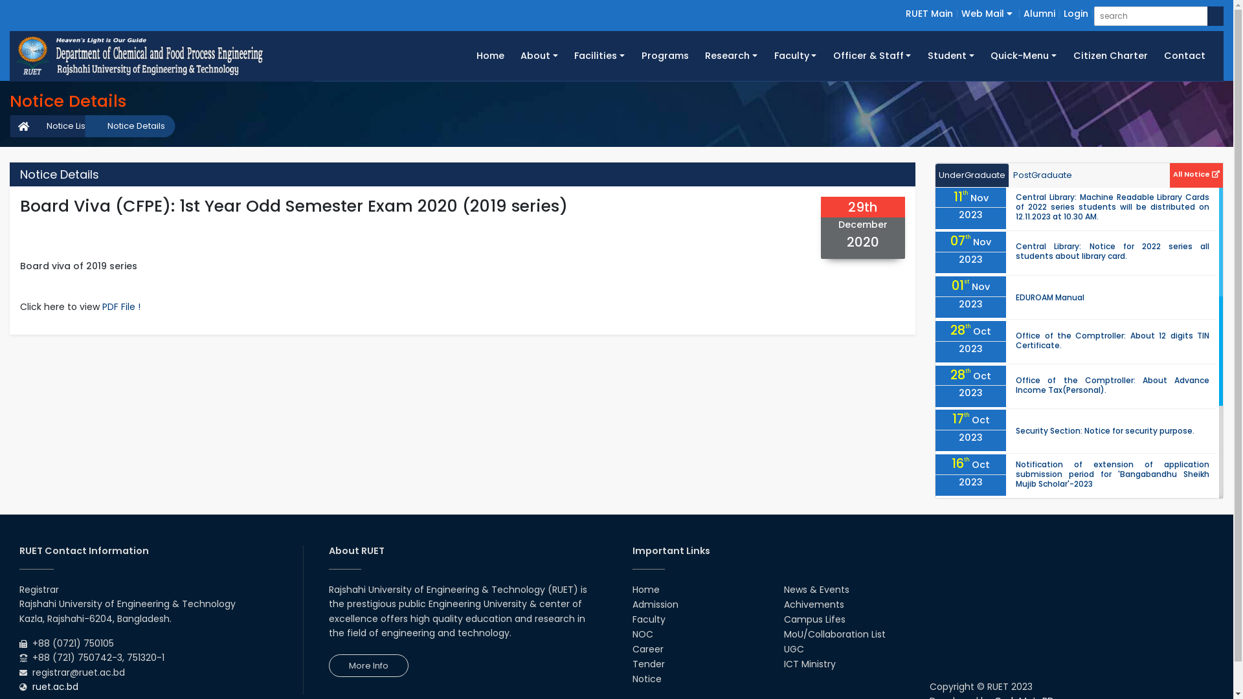 The width and height of the screenshot is (1243, 699). Describe the element at coordinates (1196, 172) in the screenshot. I see `'All Notice'` at that location.